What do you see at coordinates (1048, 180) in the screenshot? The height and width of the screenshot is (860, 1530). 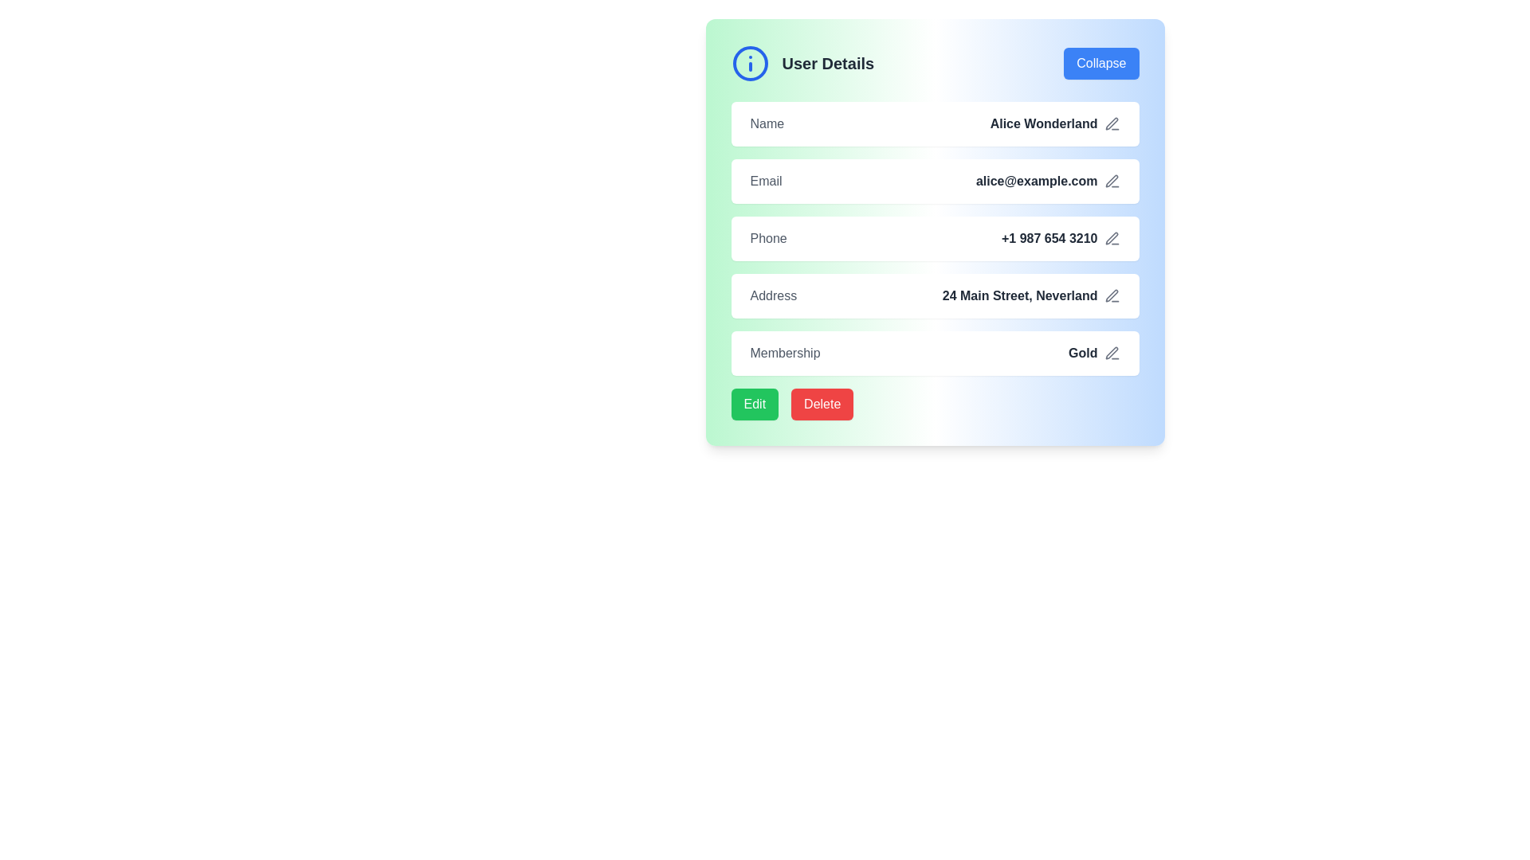 I see `the text display showing the user's email address 'alice@example.com', which is located to the right of the 'Email' label and left of the pen-shaped icon` at bounding box center [1048, 180].